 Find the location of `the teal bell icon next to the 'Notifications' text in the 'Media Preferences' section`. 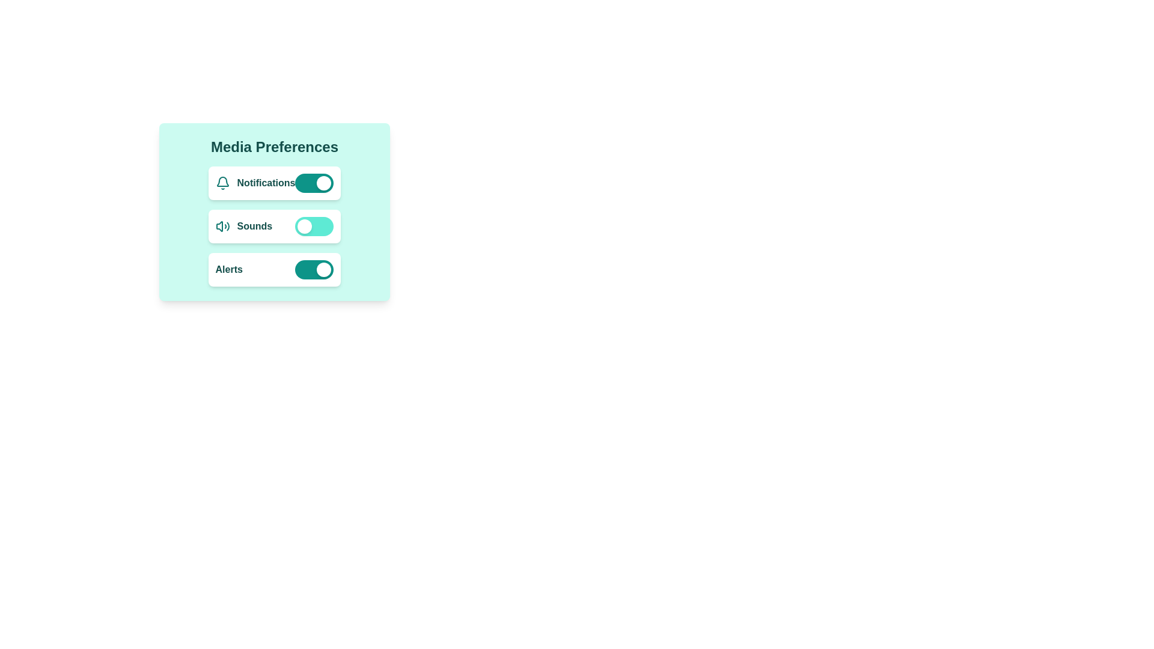

the teal bell icon next to the 'Notifications' text in the 'Media Preferences' section is located at coordinates (222, 183).